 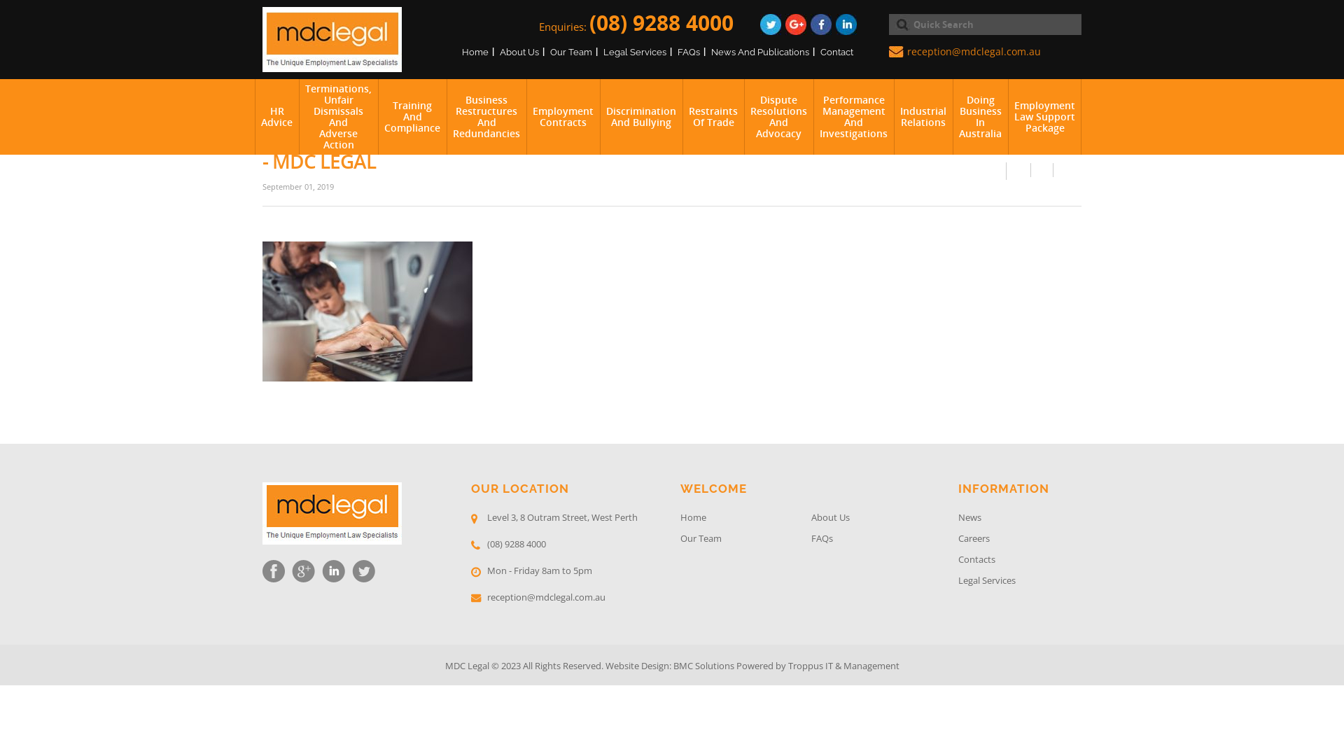 What do you see at coordinates (1020, 539) in the screenshot?
I see `'Careers'` at bounding box center [1020, 539].